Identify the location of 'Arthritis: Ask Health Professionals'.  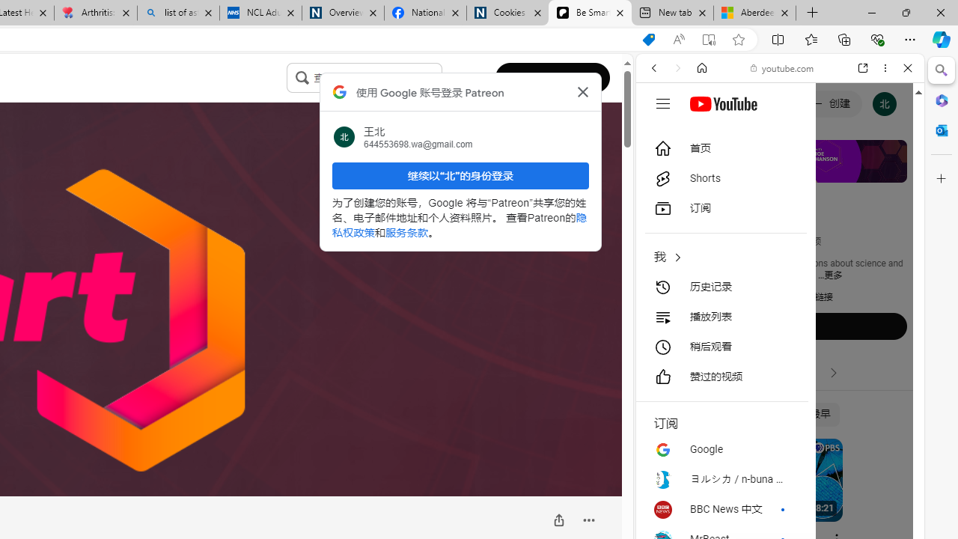
(95, 13).